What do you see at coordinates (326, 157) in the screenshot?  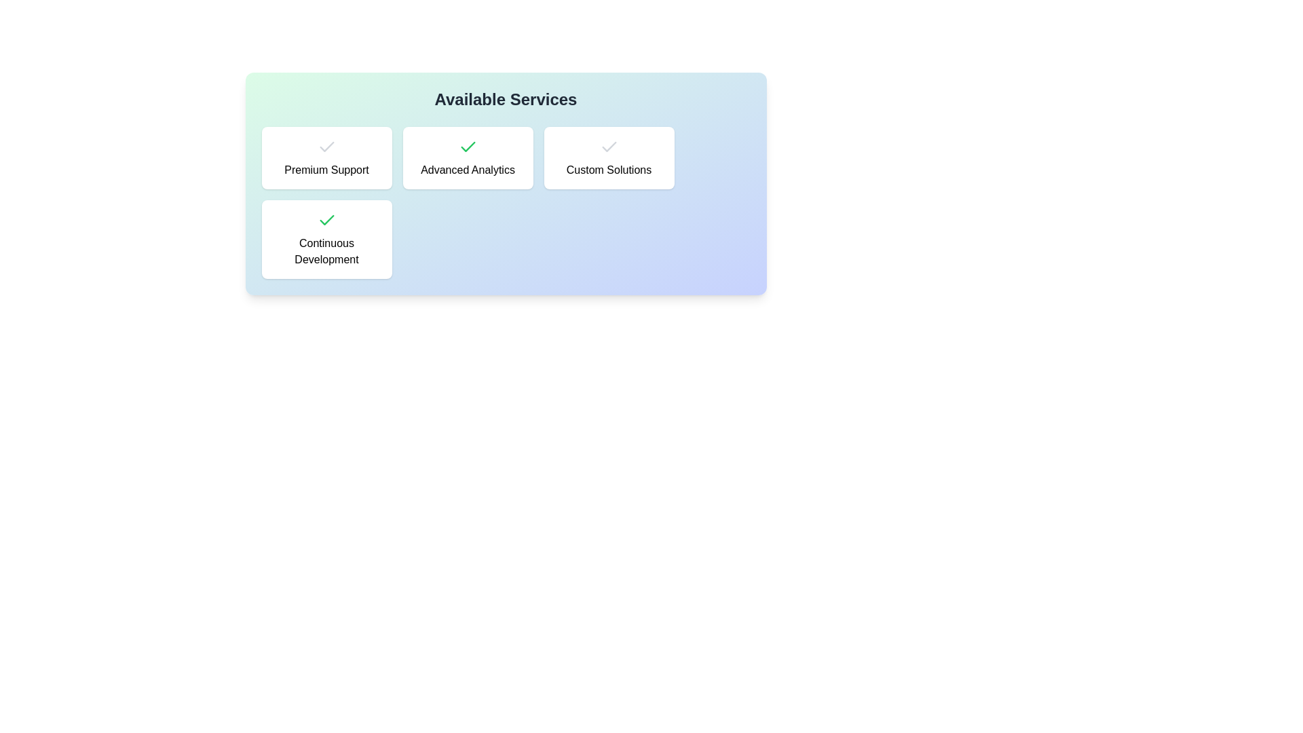 I see `the 'Premium Support' card located in the first row, first column of the grid` at bounding box center [326, 157].